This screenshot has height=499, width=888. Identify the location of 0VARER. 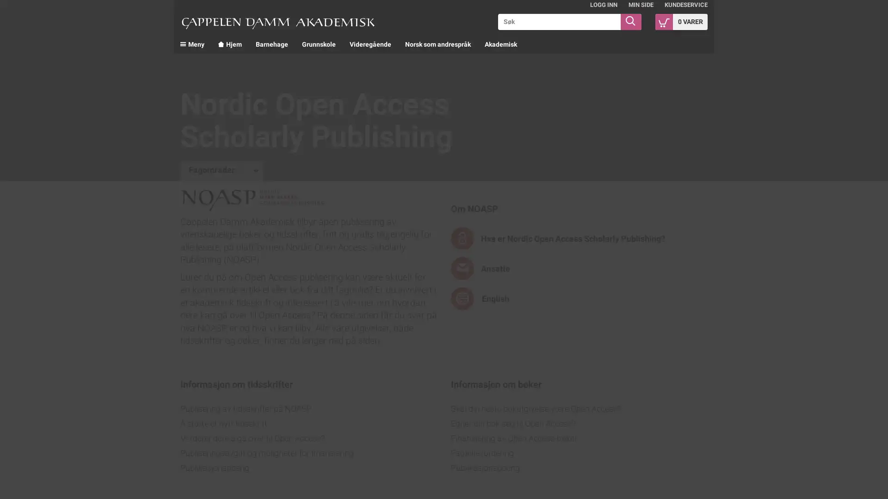
(681, 21).